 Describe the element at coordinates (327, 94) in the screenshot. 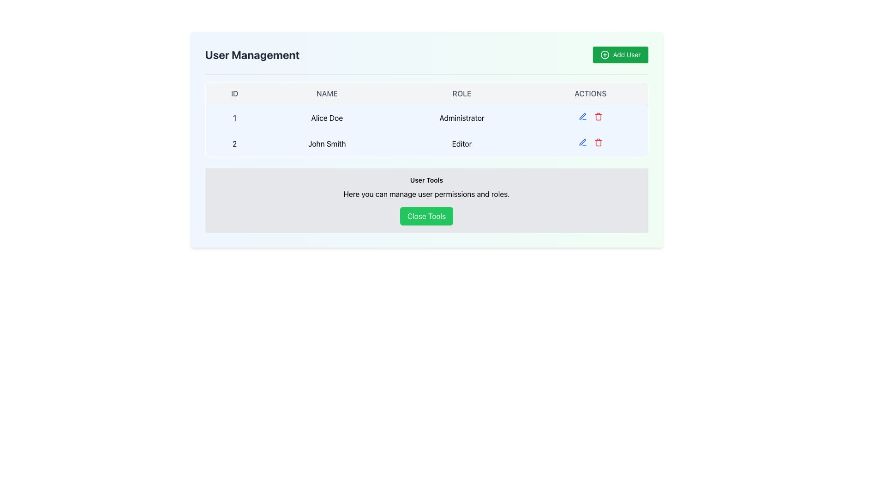

I see `the 'Name' column header label, which is the second column in a horizontal row of table headers, located between 'ID' and 'ROLE'` at that location.